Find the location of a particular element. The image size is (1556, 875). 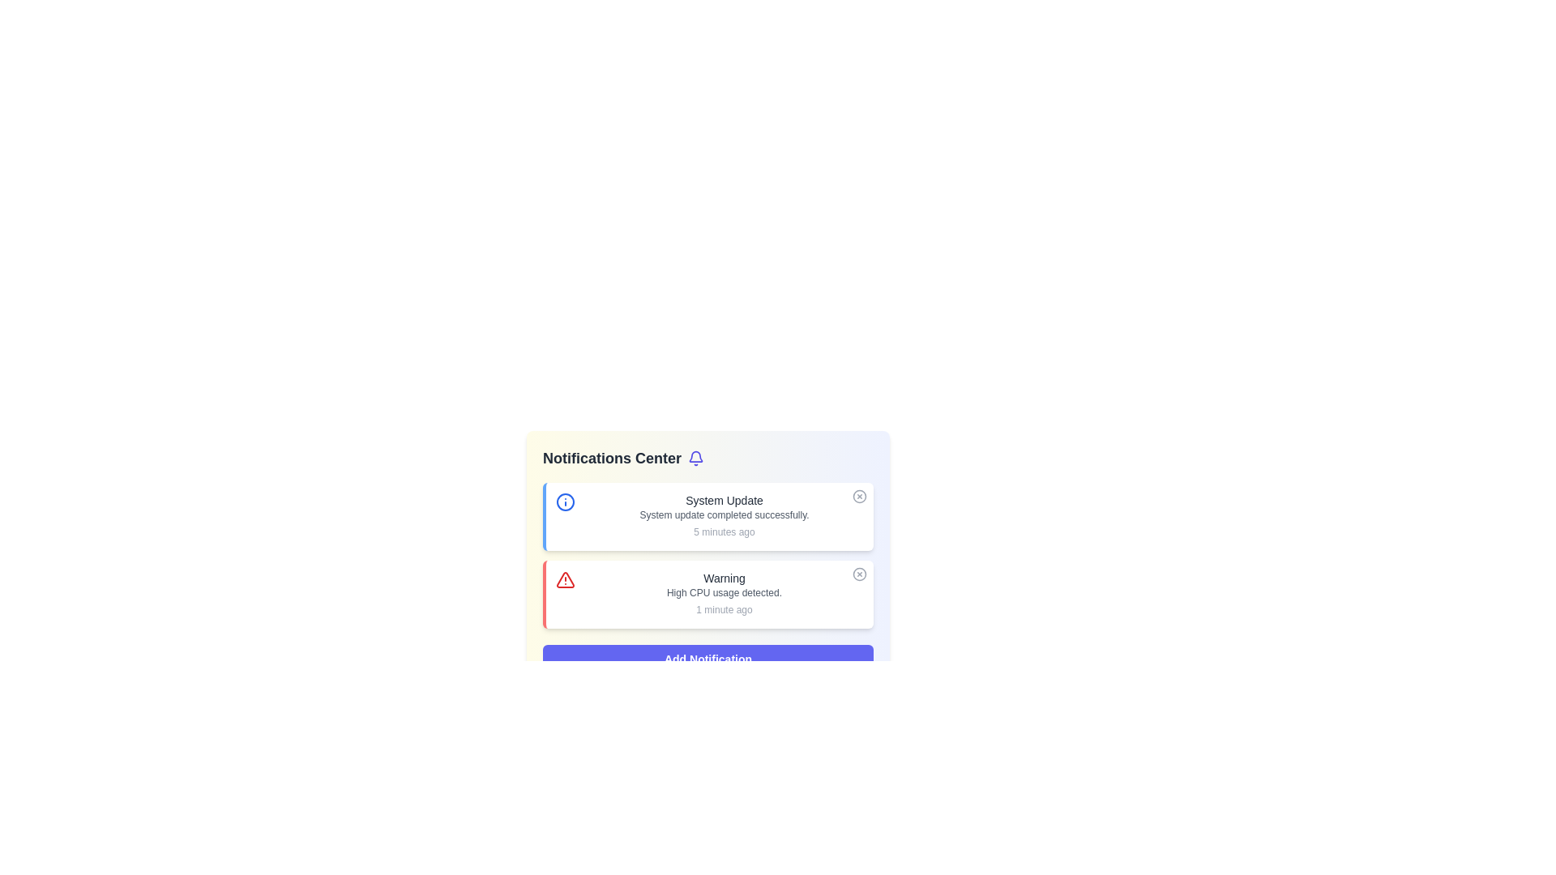

the timestamp text label located at the bottom of the notification card that shows 'Warning' and 'High CPU usage detected.' is located at coordinates (723, 609).